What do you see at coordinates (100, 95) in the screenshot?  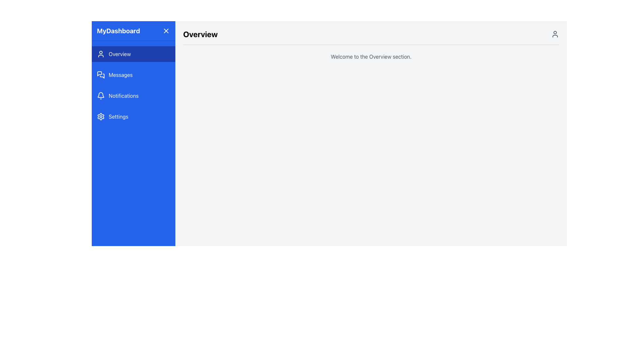 I see `the bell-shaped icon next to the 'Notifications' text in the blue sidebar on the left side of the interface` at bounding box center [100, 95].